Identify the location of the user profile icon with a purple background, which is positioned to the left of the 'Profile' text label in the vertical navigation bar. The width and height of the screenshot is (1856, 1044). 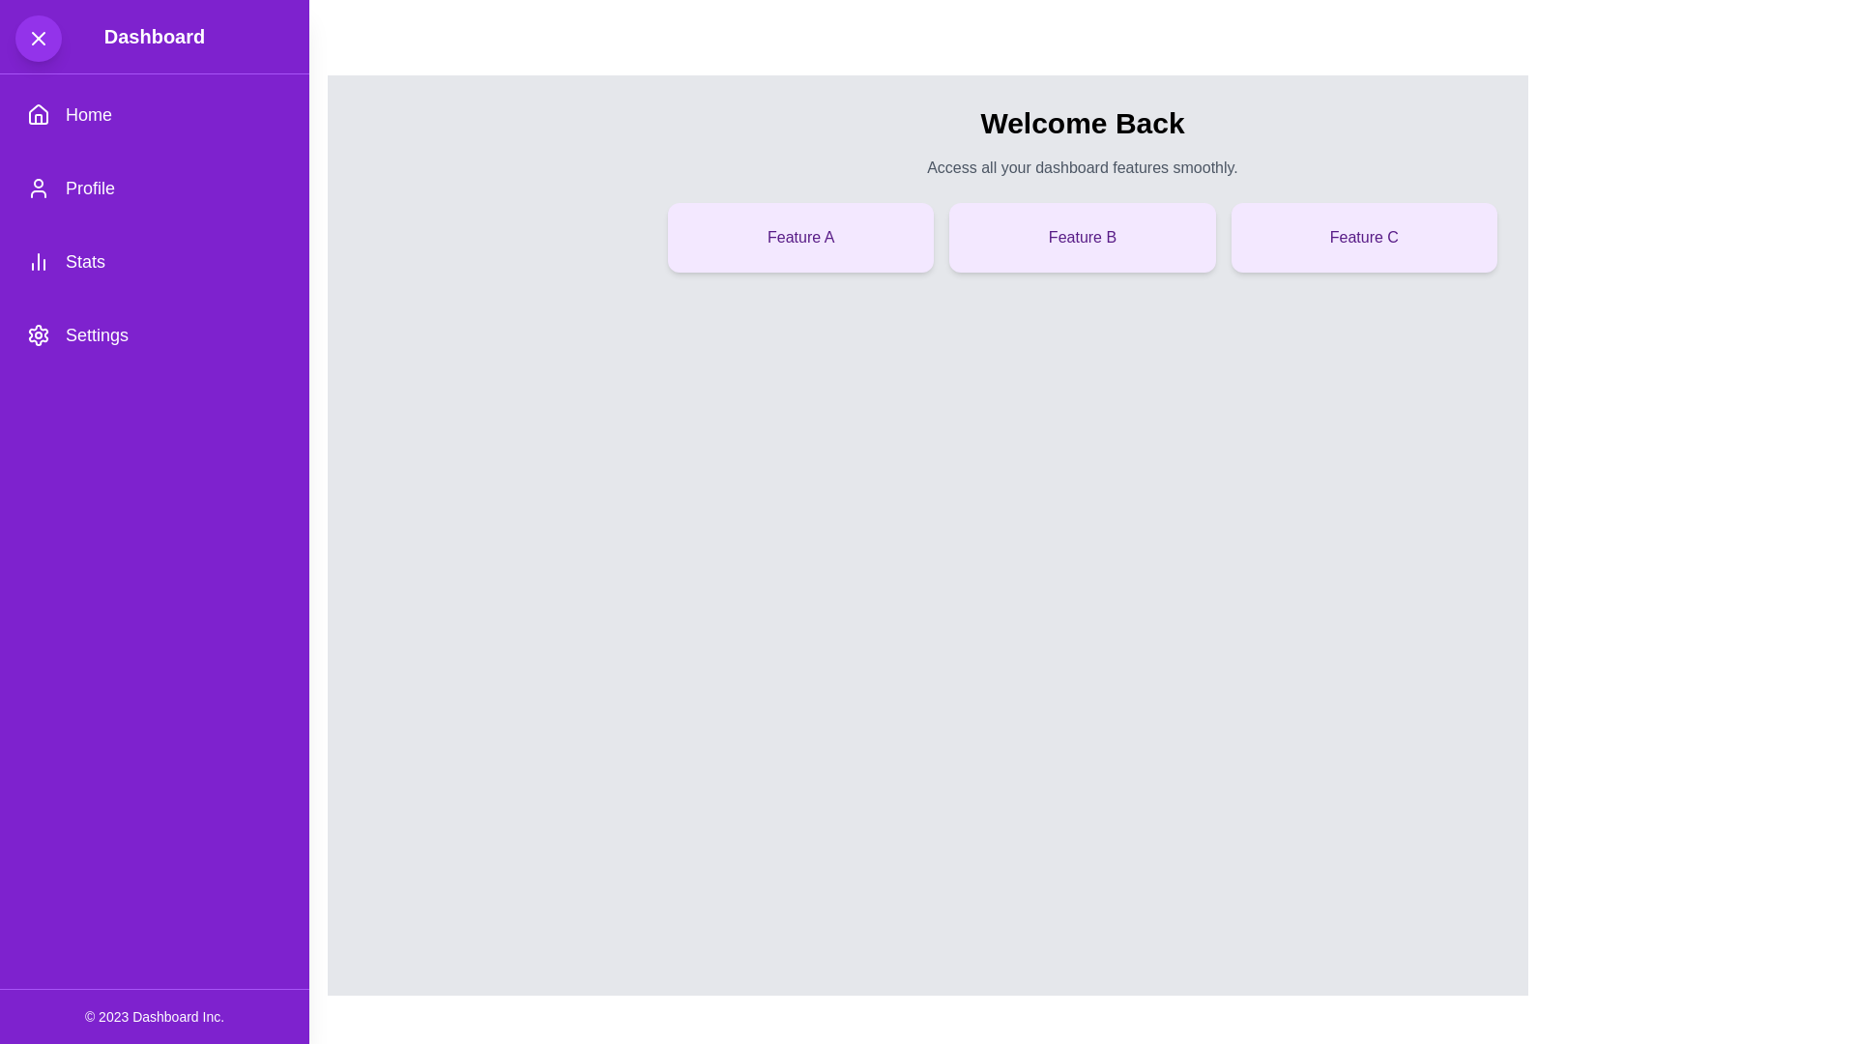
(38, 188).